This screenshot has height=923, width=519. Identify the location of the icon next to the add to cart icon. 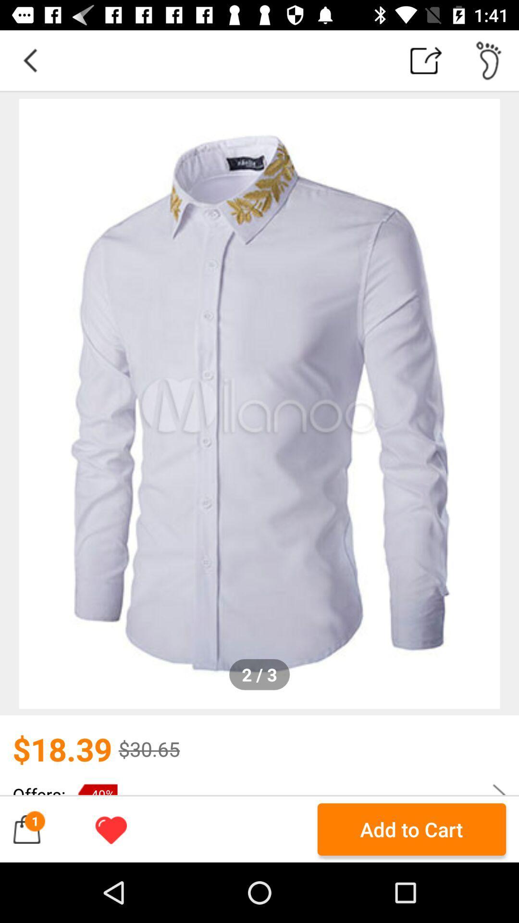
(111, 829).